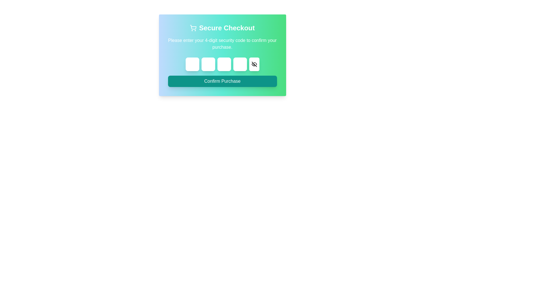  I want to click on the shopping cart icon element located near the 'Secure Checkout' text in the header section of the interface, so click(193, 27).